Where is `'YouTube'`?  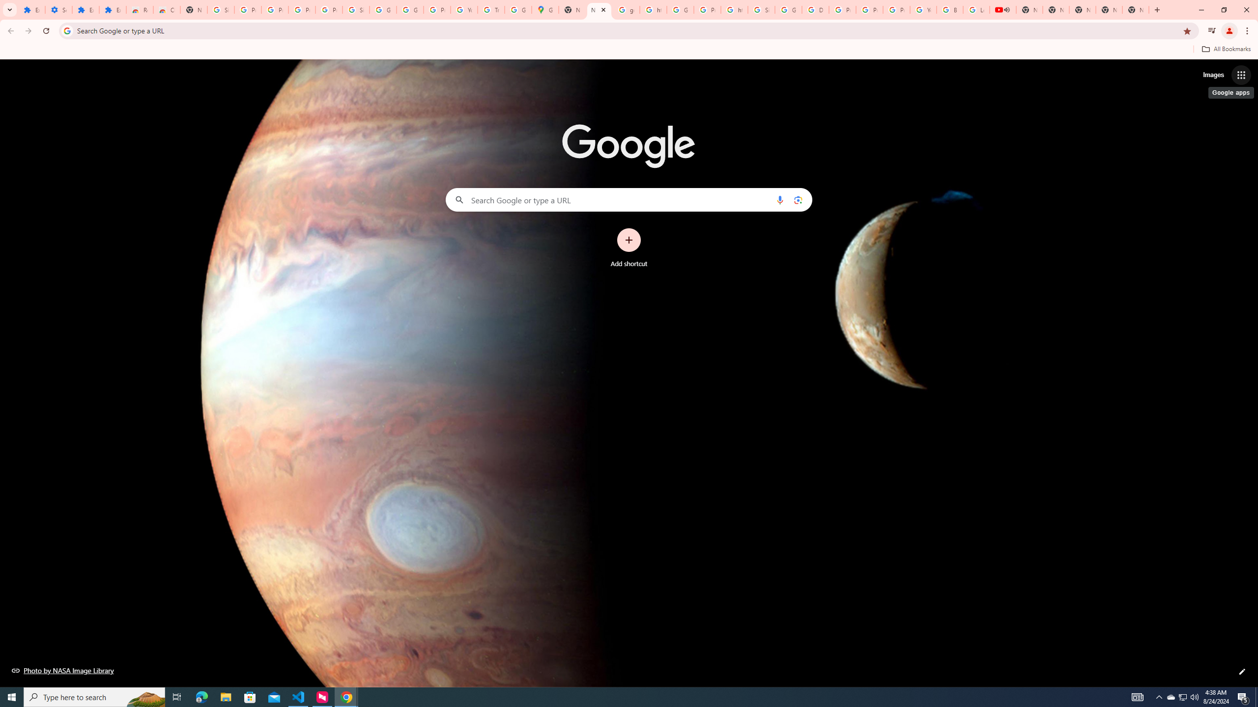 'YouTube' is located at coordinates (923, 9).